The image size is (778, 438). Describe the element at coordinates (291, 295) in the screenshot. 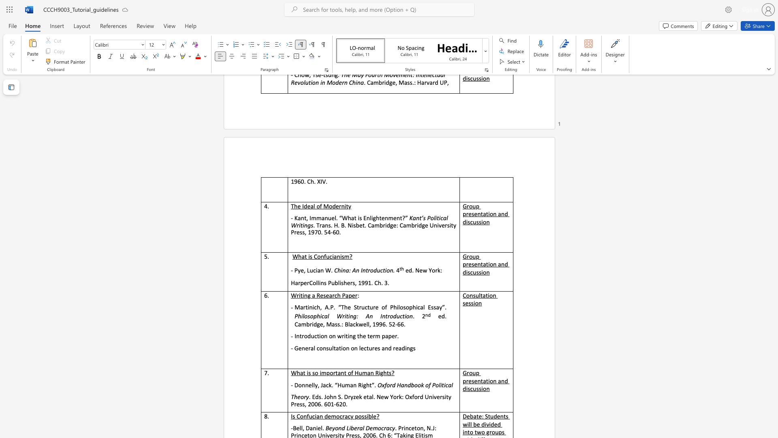

I see `the subset text "Writing a R" within the text "Writing a Research Paper"` at that location.